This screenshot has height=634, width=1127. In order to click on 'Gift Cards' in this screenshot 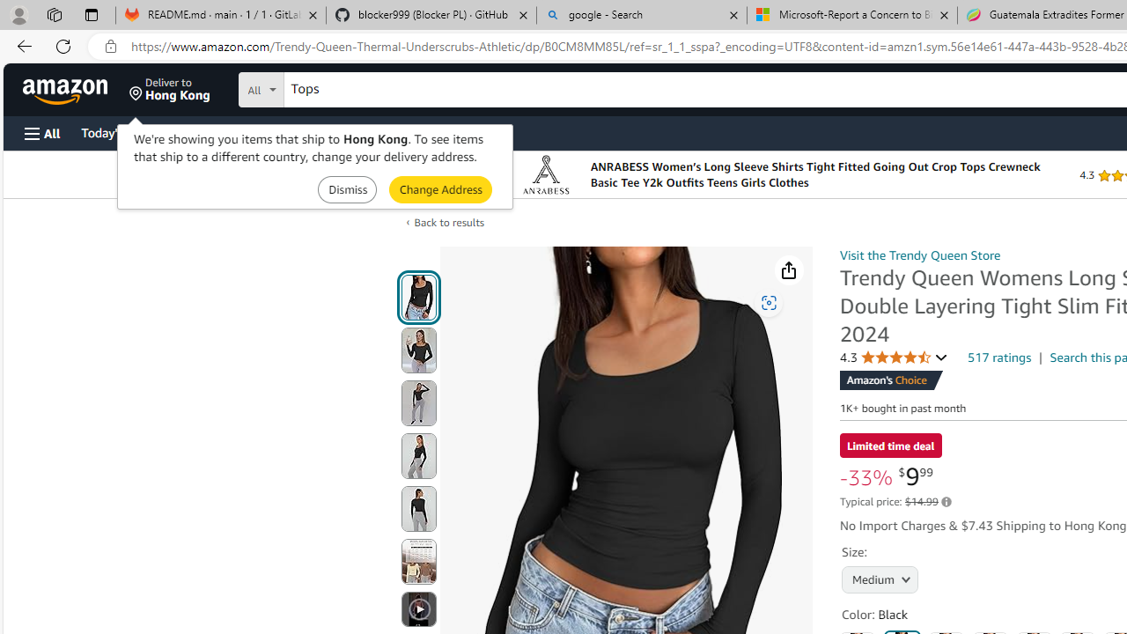, I will do `click(388, 131)`.